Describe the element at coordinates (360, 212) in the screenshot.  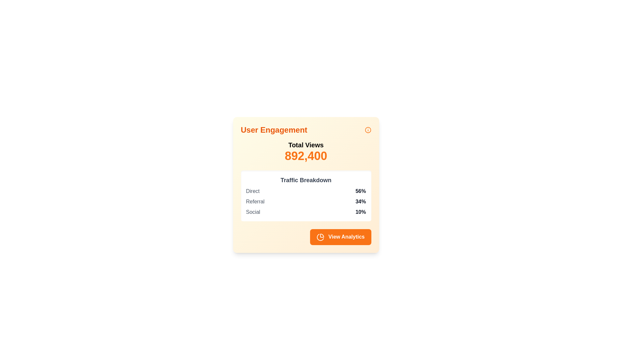
I see `the informational Static Text displaying the percentage value of traffic from social sources, located to the immediate right of the label 'Social' in the 'Traffic Breakdown' section` at that location.